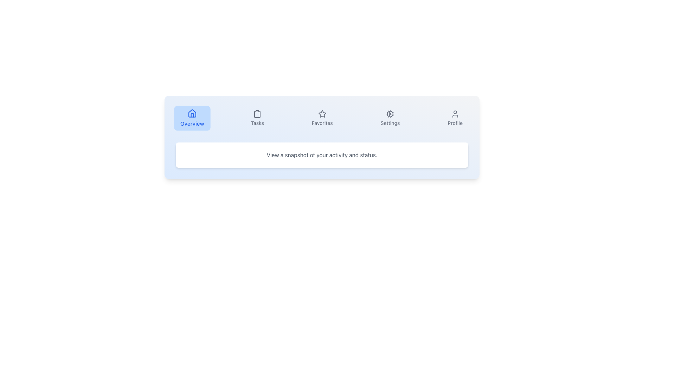  What do you see at coordinates (257, 118) in the screenshot?
I see `the second button in the horizontal navigation bar, located to the immediate right of the 'Overview' button` at bounding box center [257, 118].